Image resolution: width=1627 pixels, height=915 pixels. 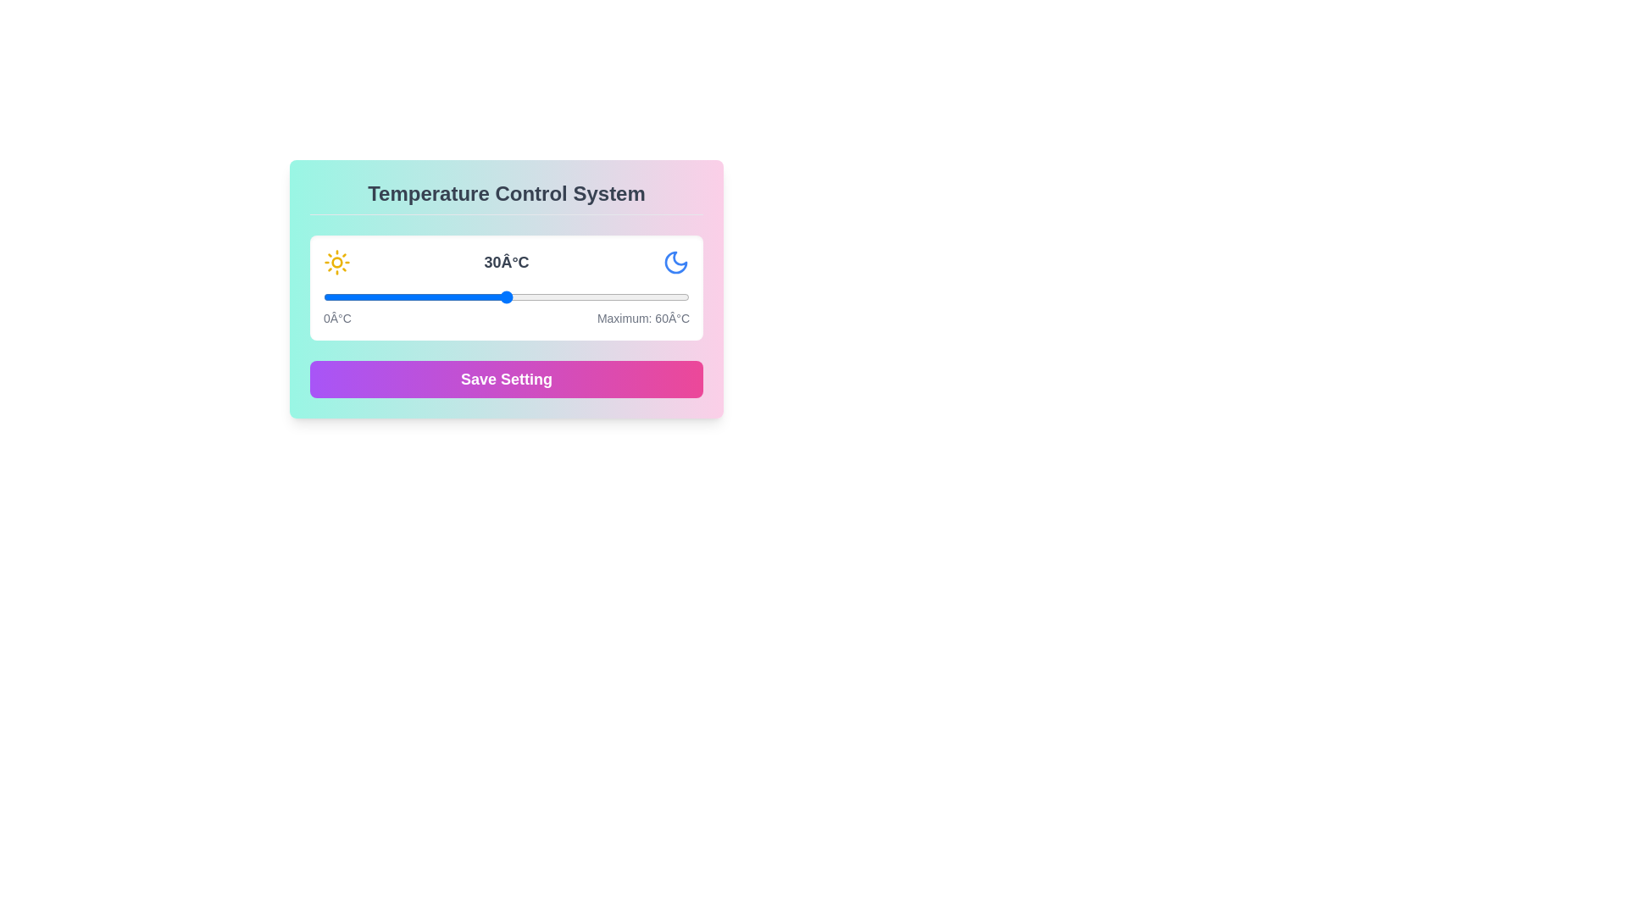 What do you see at coordinates (365, 297) in the screenshot?
I see `the temperature slider to set the temperature to 7°C` at bounding box center [365, 297].